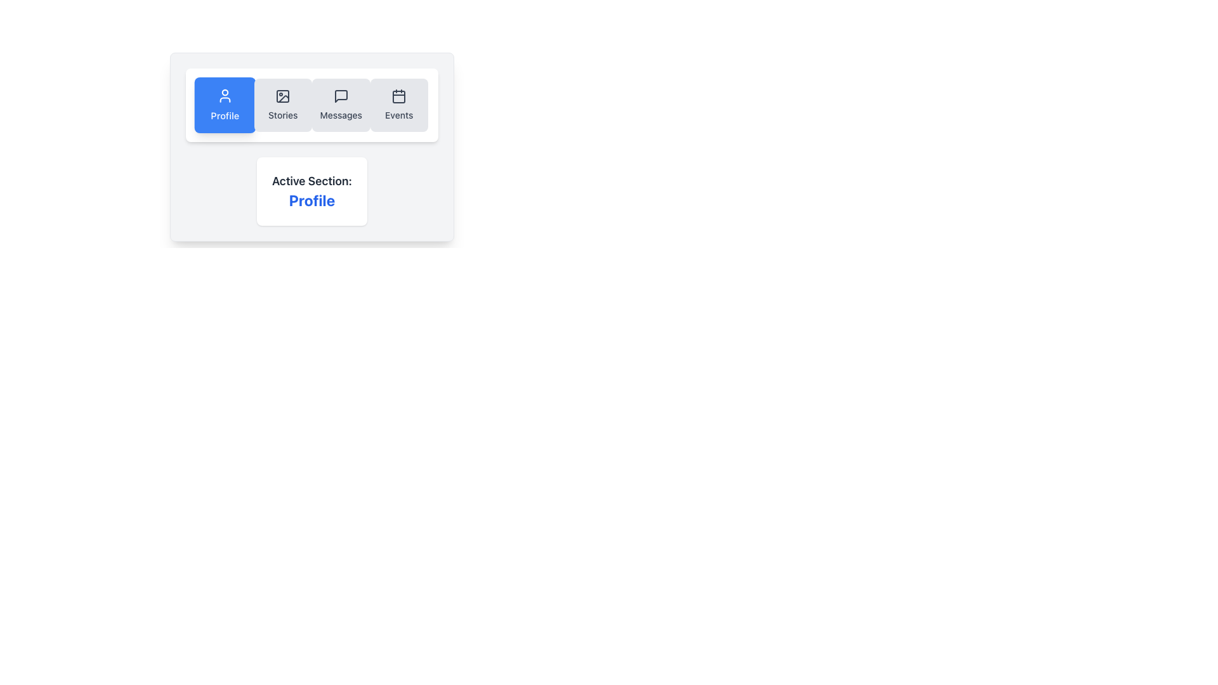 Image resolution: width=1218 pixels, height=685 pixels. What do you see at coordinates (341, 115) in the screenshot?
I see `the static text label displaying 'Messages' which is located centrally beneath a messaging icon in the navigation menu` at bounding box center [341, 115].